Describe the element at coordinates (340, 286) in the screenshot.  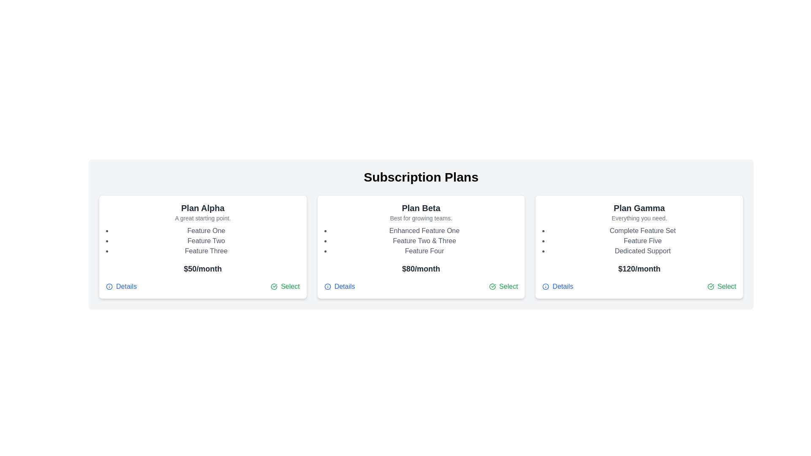
I see `the hyperlinked text labeled 'Details' with an information icon on its left` at that location.